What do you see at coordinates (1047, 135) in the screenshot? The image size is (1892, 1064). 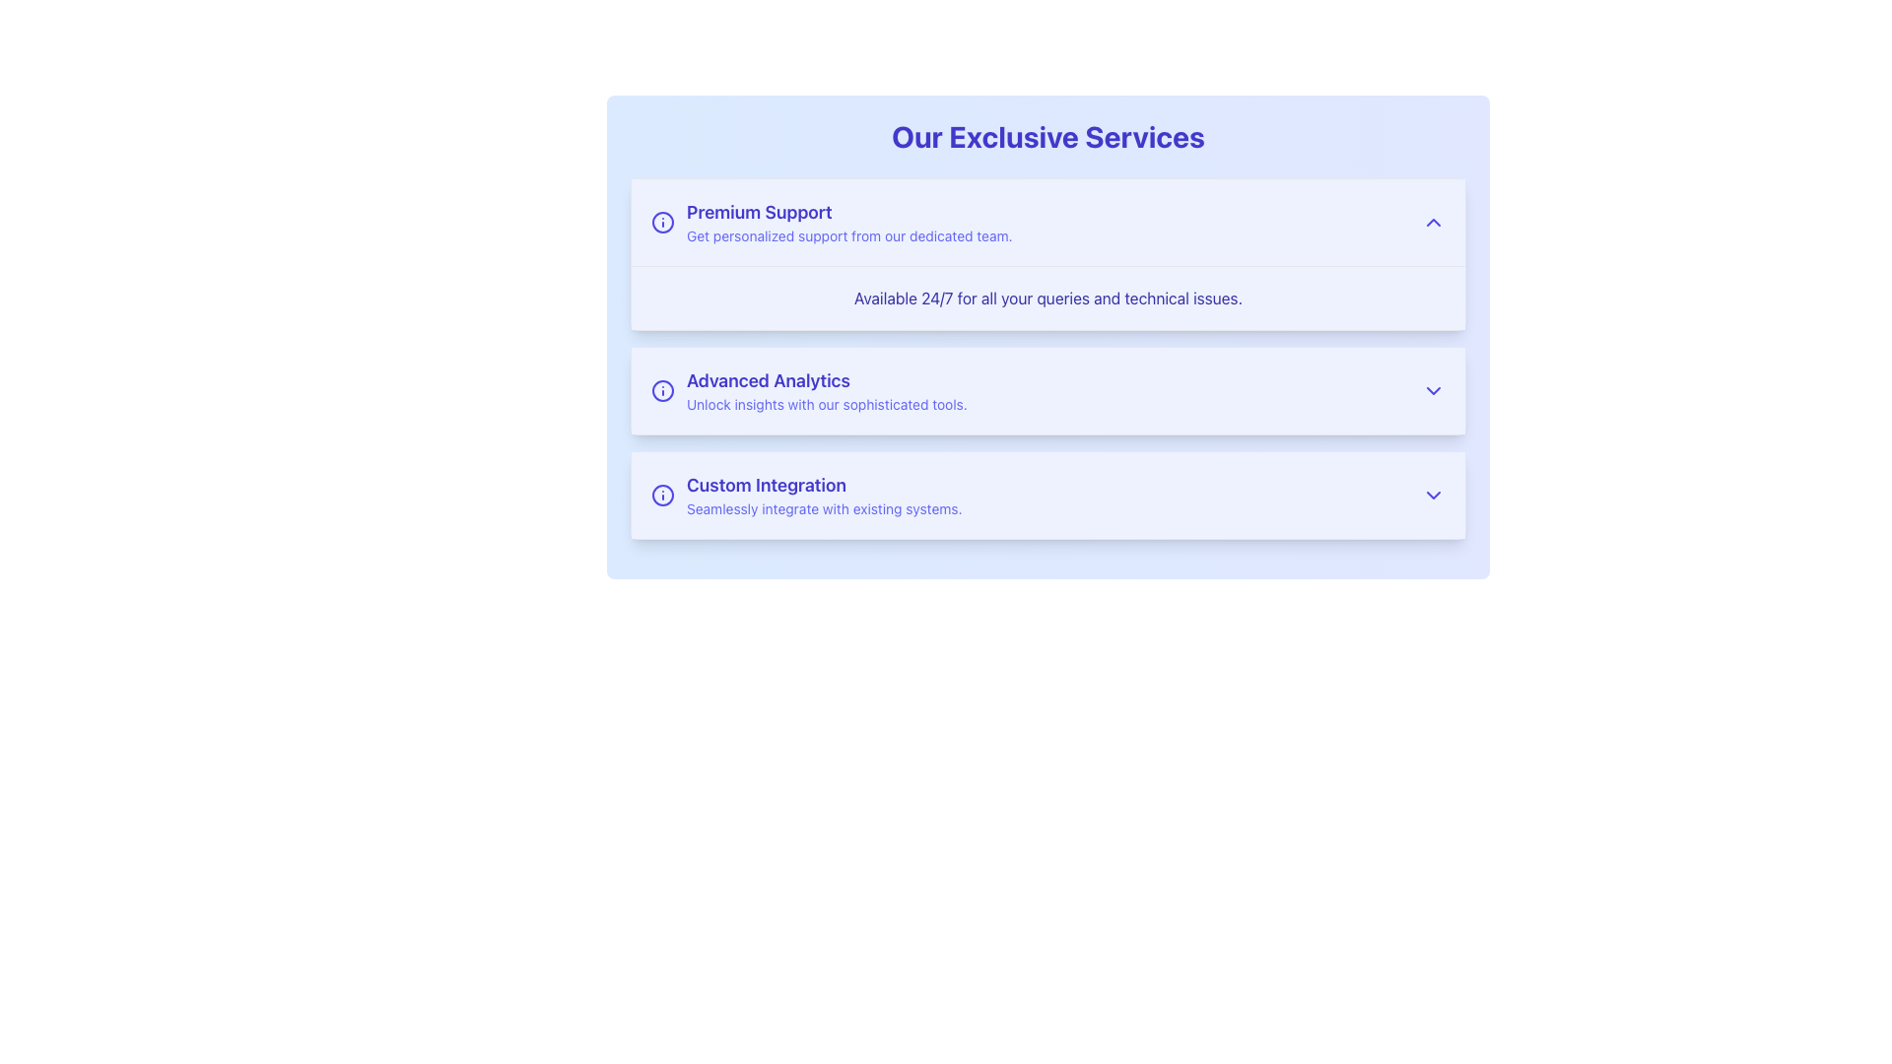 I see `displayed text from the Text Label that serves as a section header, indicating the content theme of the section below it` at bounding box center [1047, 135].